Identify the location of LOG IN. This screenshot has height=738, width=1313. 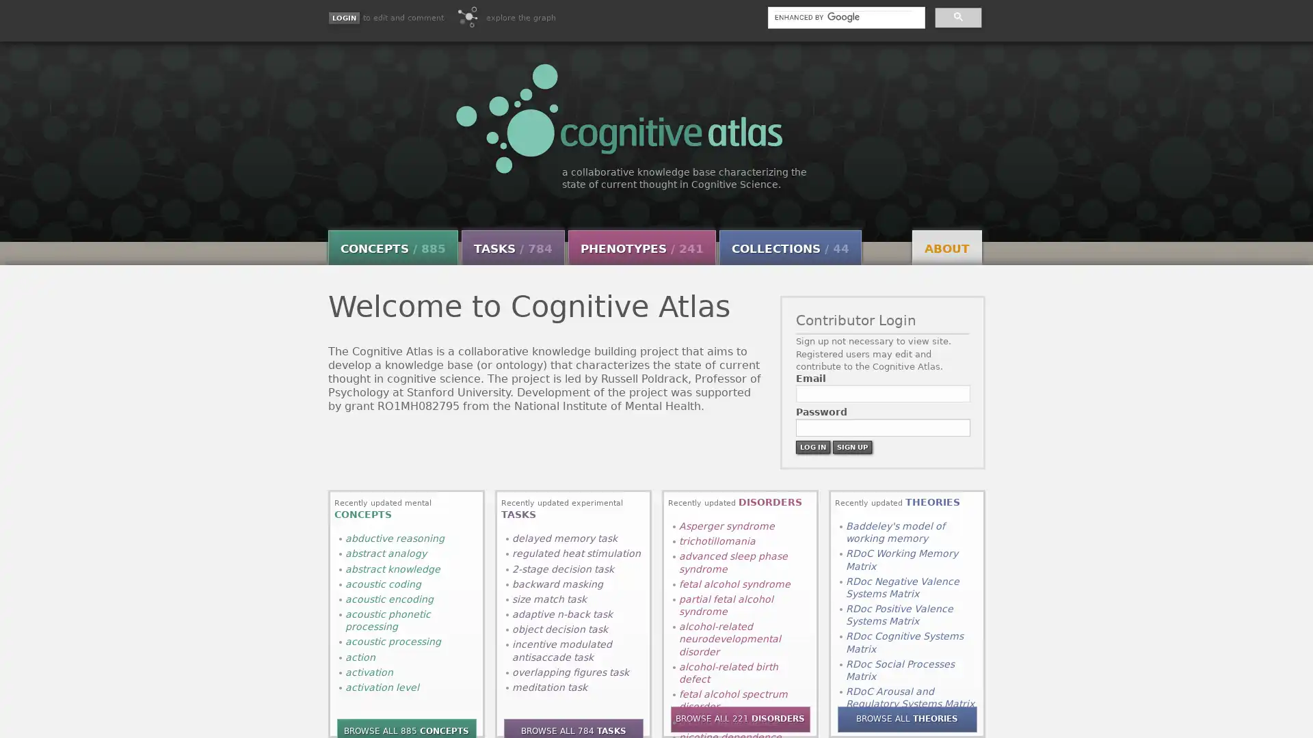
(812, 446).